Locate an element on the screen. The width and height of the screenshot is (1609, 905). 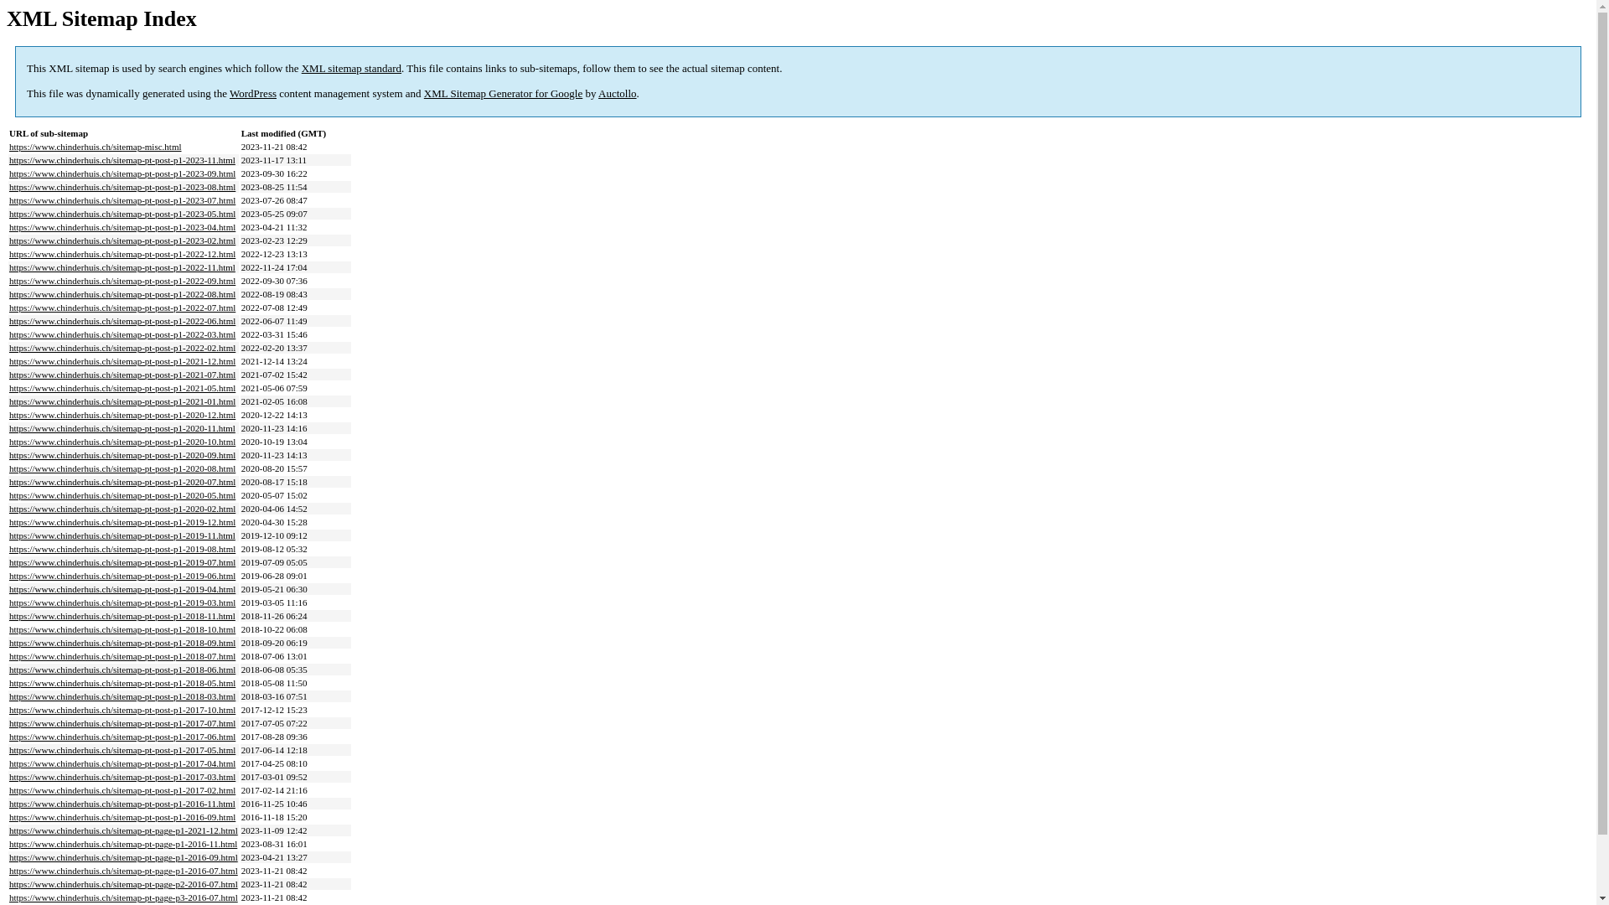
'https://www.chinderhuis.ch/sitemap-pt-page-p1-2021-12.html' is located at coordinates (122, 830).